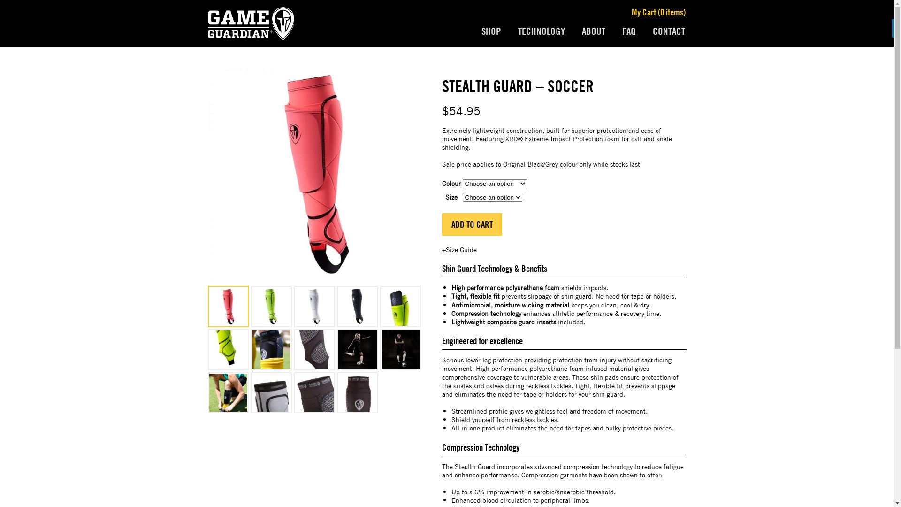 The height and width of the screenshot is (507, 901). What do you see at coordinates (593, 31) in the screenshot?
I see `'ABOUT'` at bounding box center [593, 31].